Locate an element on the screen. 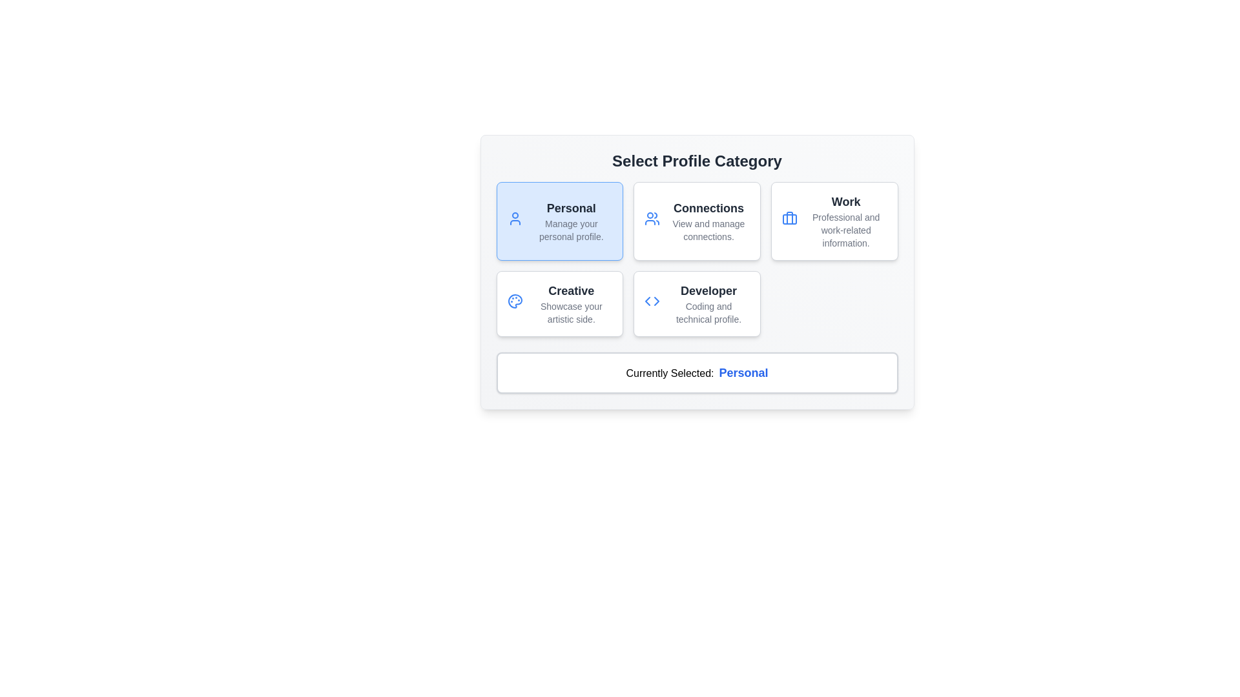  the second clickable card widget in the top row of the grid layout is located at coordinates (696, 221).